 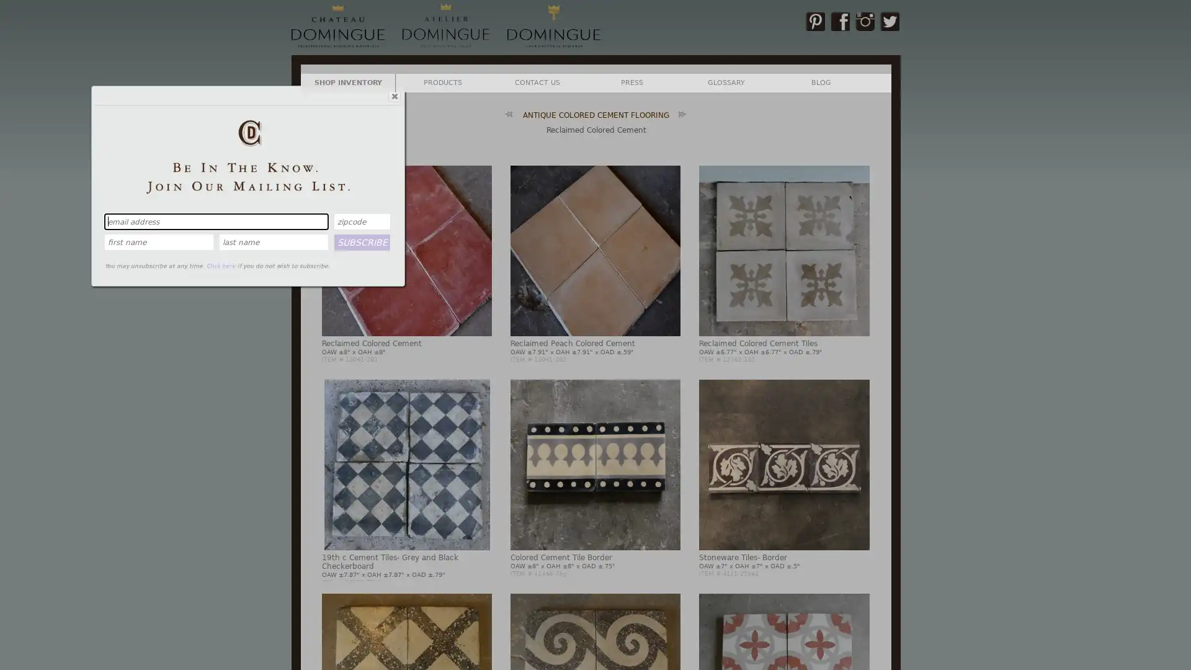 I want to click on SUBSCRIBE, so click(x=362, y=241).